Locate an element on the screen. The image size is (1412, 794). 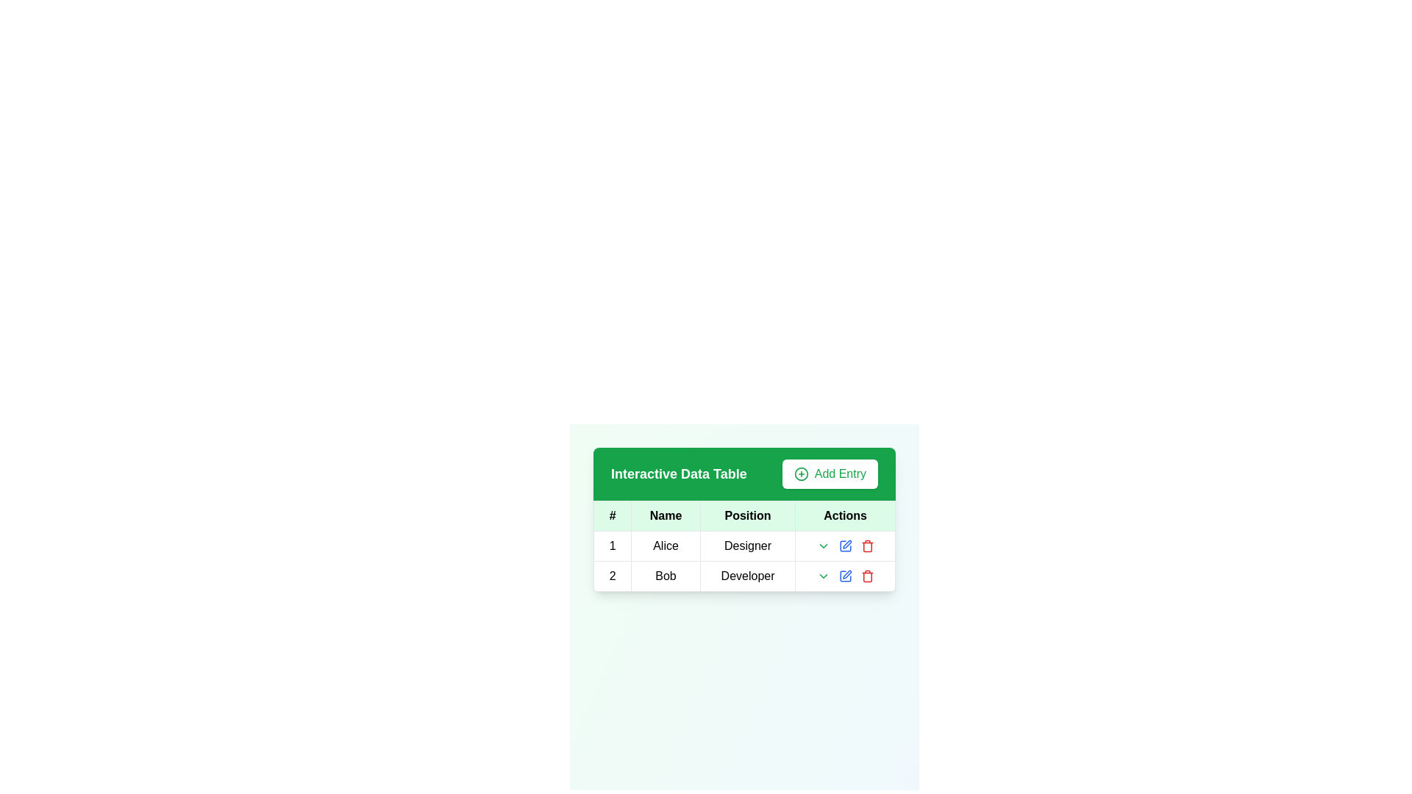
the 'Add Entry' button with a white background, green text, and a plus icon is located at coordinates (830, 473).